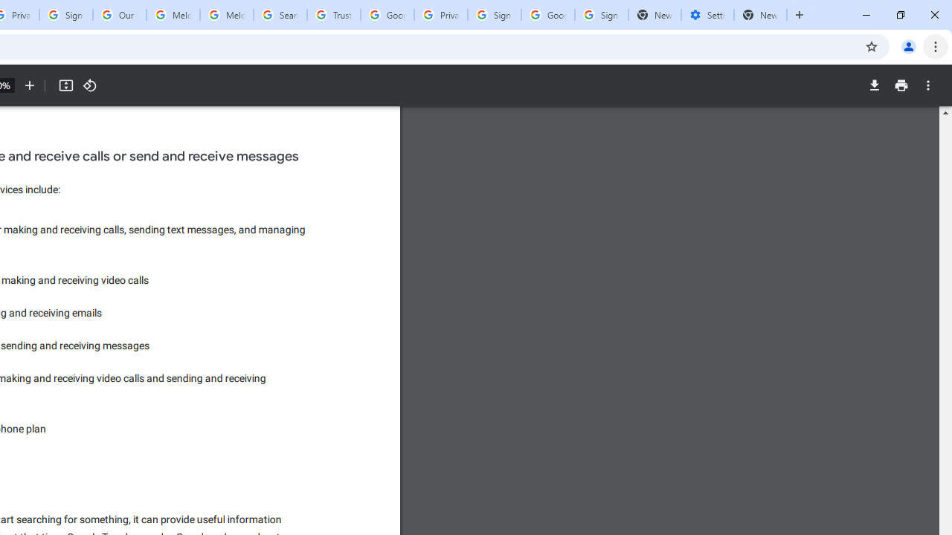 Image resolution: width=952 pixels, height=535 pixels. I want to click on 'More actions', so click(927, 85).